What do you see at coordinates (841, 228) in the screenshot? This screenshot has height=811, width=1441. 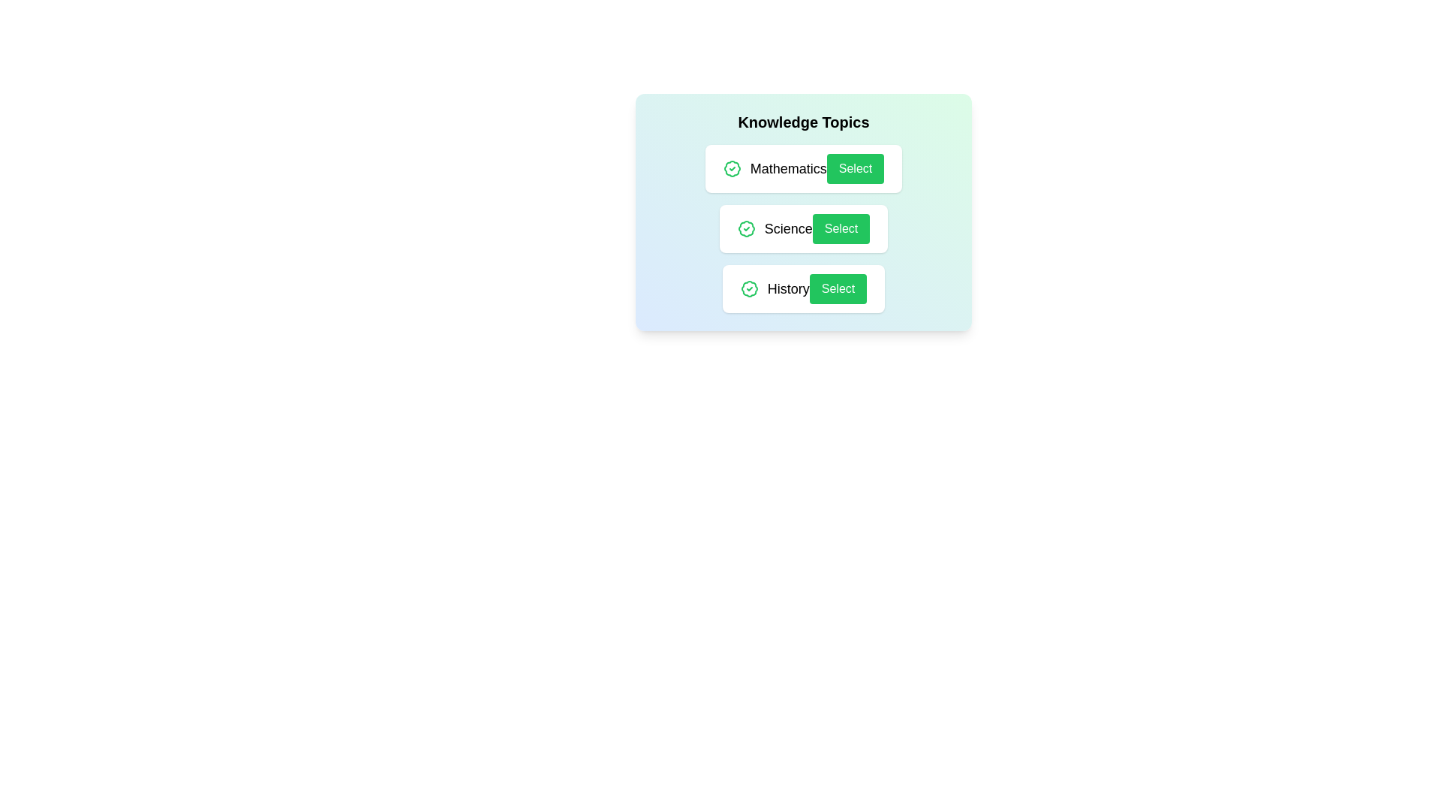 I see `'Select' button for the topic Science` at bounding box center [841, 228].